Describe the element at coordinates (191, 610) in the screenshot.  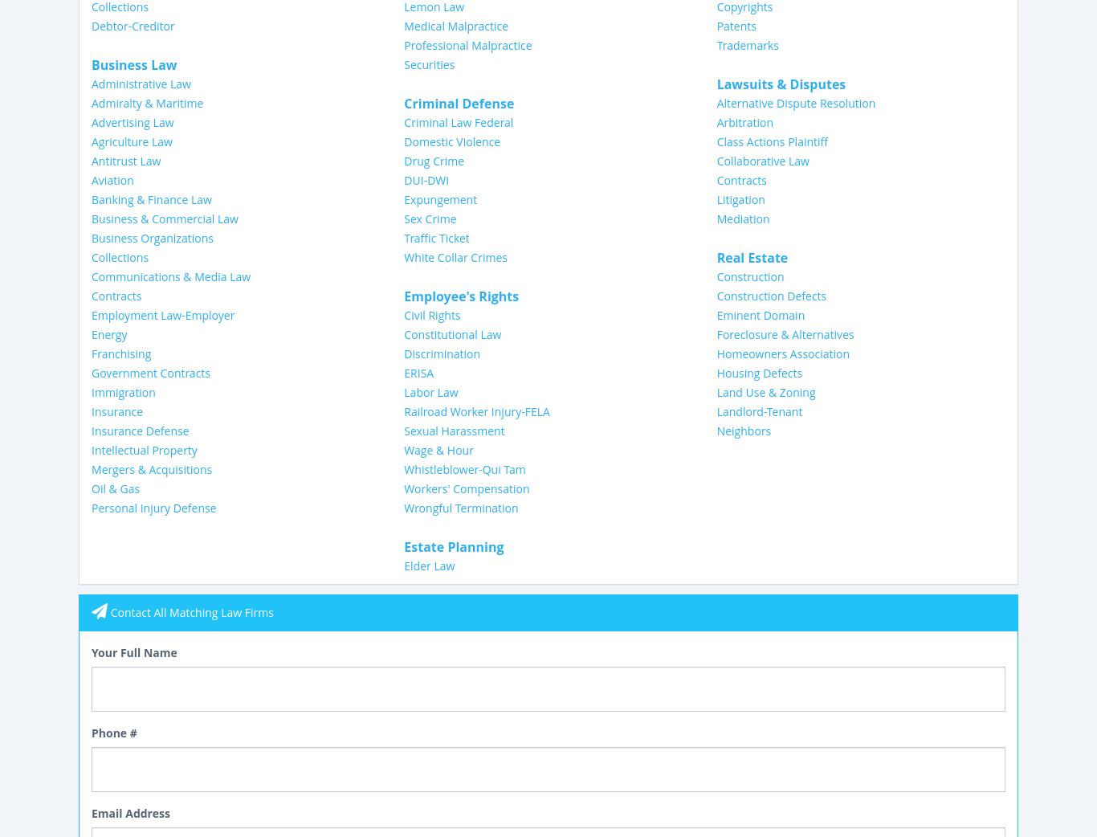
I see `'Contact All Matching Law Firms'` at that location.